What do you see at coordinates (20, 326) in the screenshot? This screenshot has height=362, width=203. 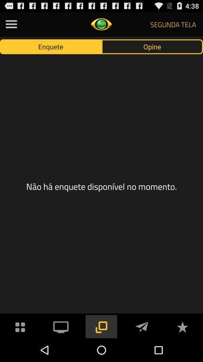 I see `main page` at bounding box center [20, 326].